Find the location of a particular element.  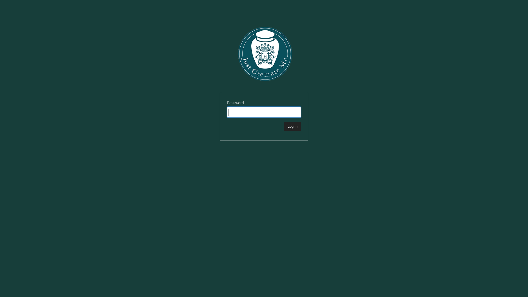

'Just Cremate Me' is located at coordinates (265, 56).